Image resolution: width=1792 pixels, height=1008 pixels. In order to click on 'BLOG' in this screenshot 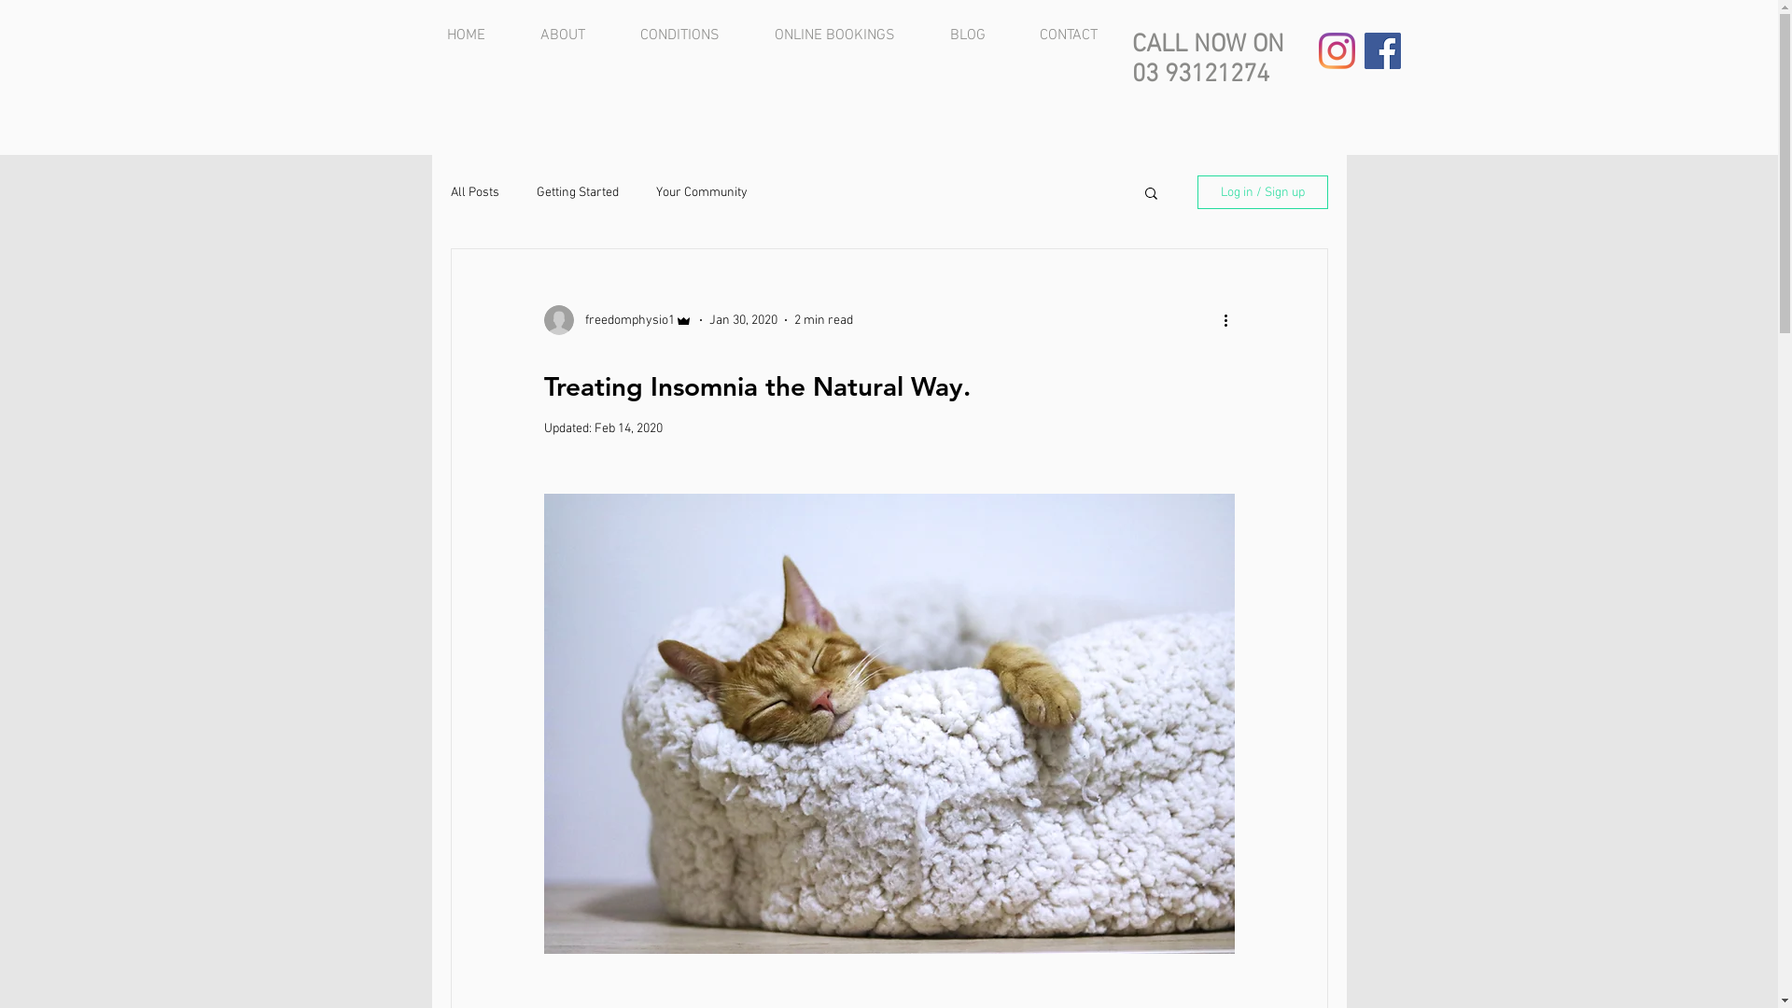, I will do `click(979, 35)`.